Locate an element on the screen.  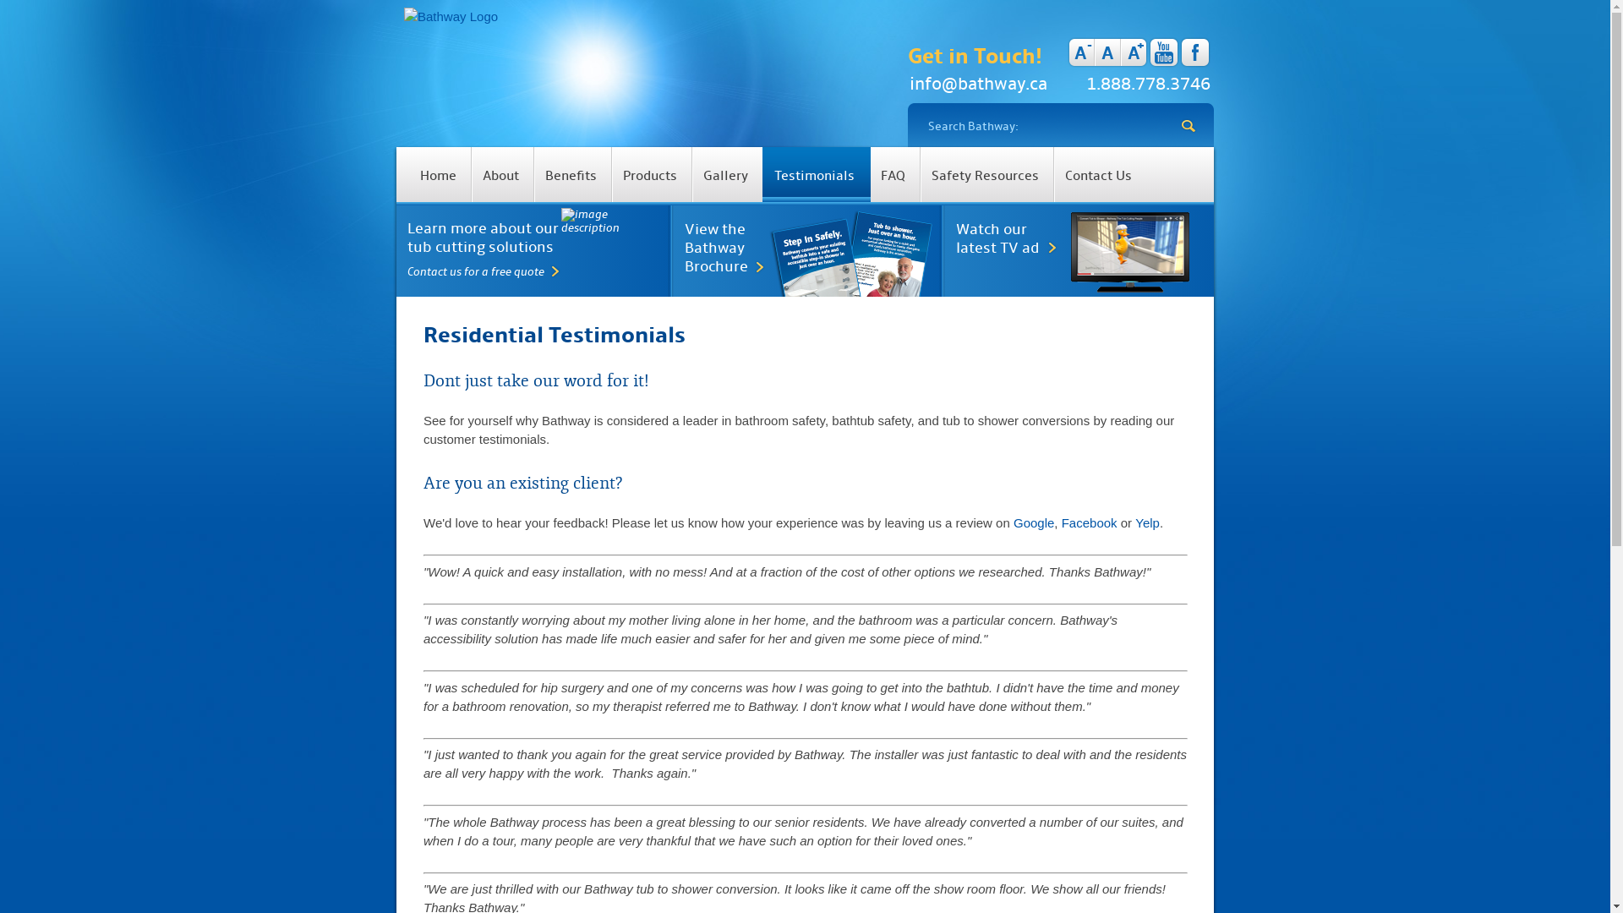
'1.888.778.3746' is located at coordinates (1148, 84).